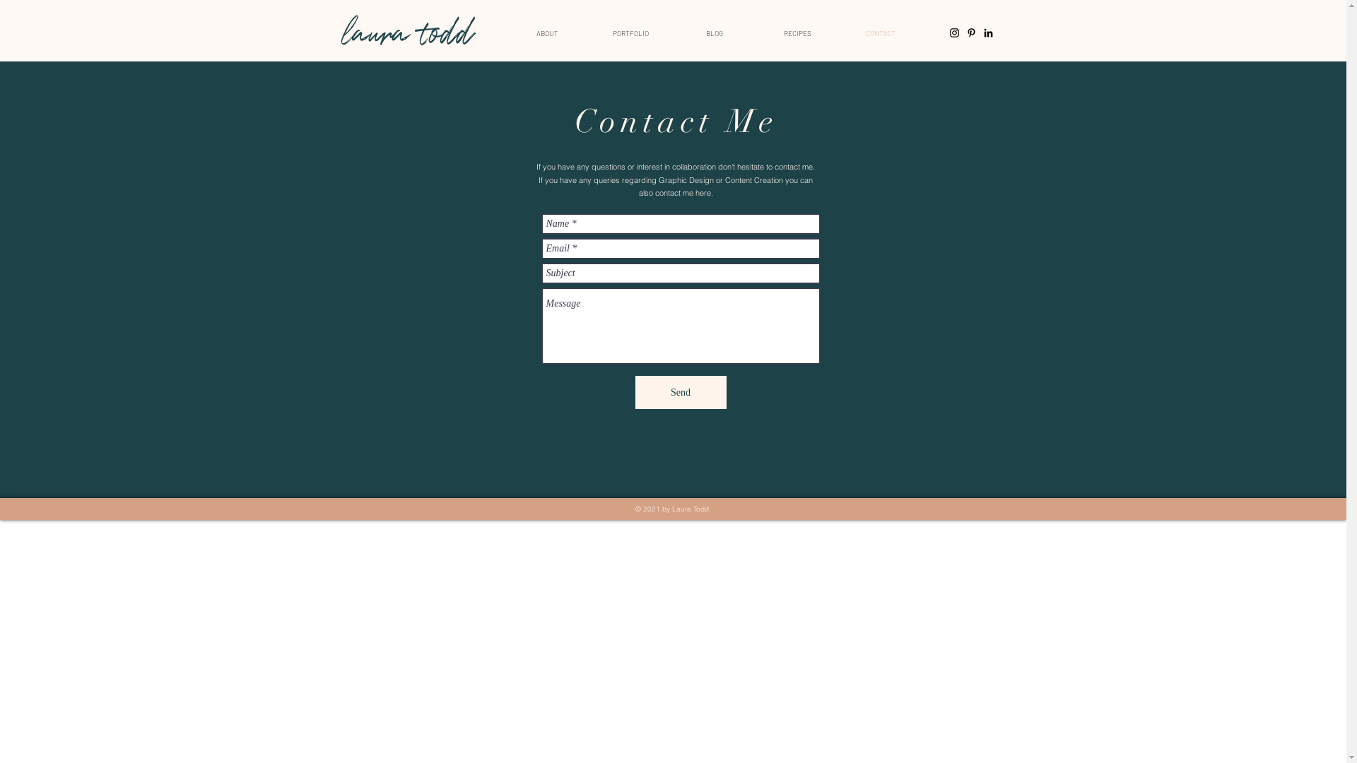 This screenshot has width=1357, height=763. I want to click on 'Send', so click(680, 392).